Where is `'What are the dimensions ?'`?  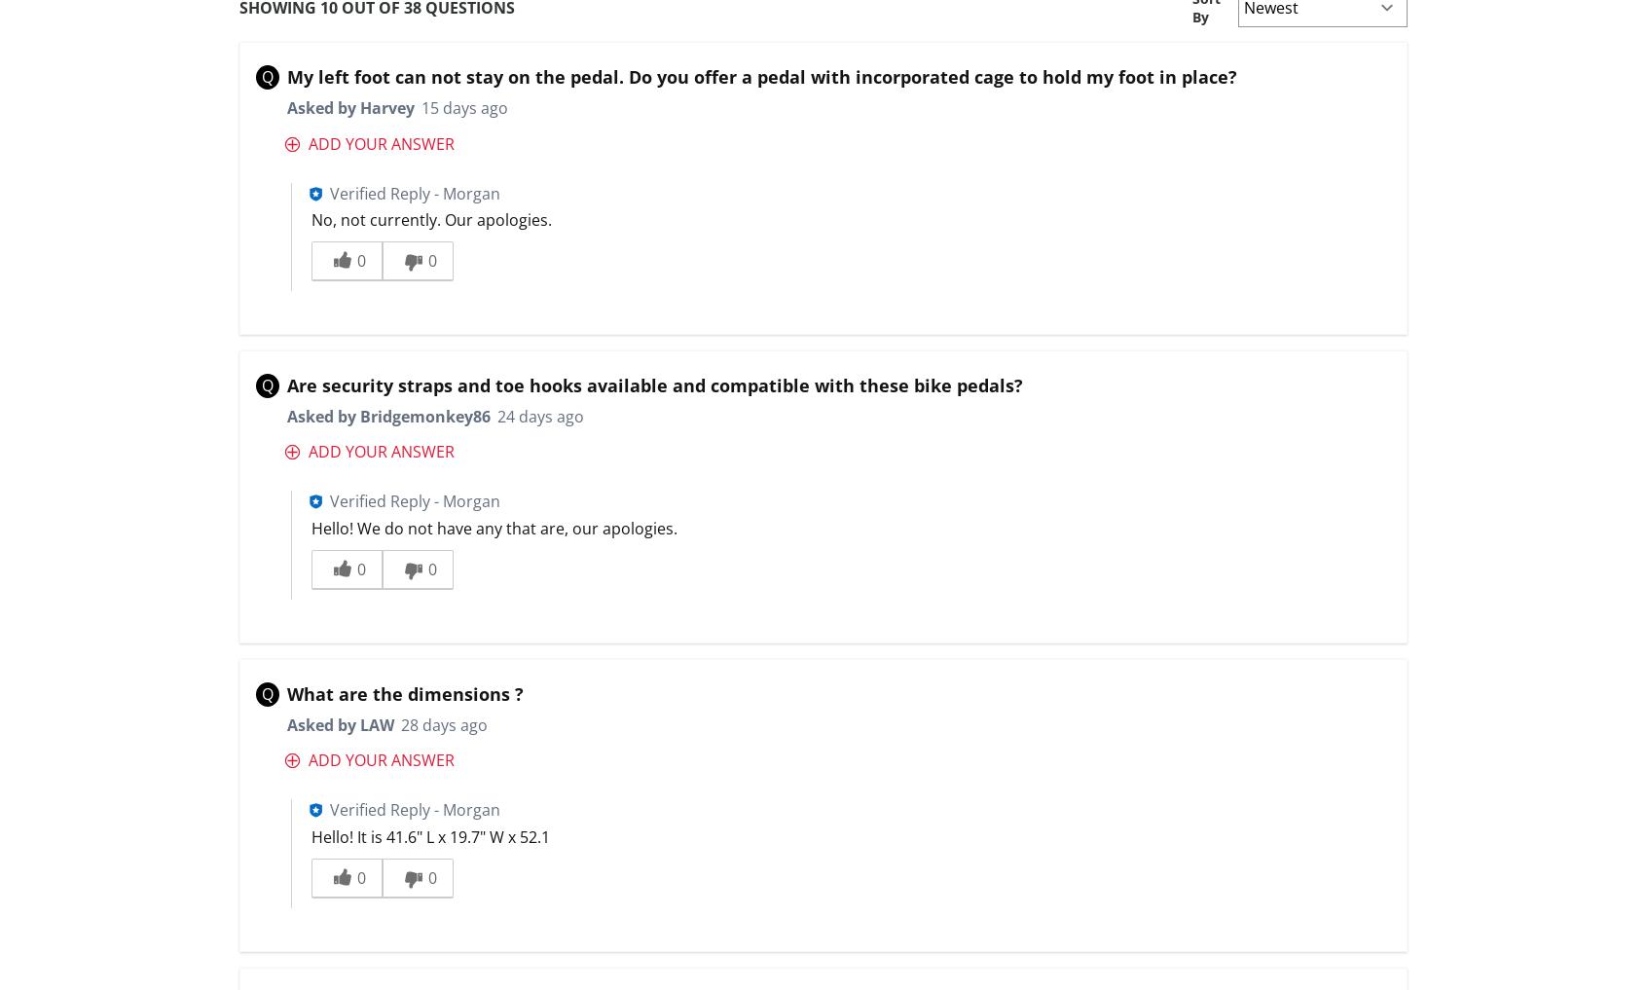
'What are the dimensions ?' is located at coordinates (405, 693).